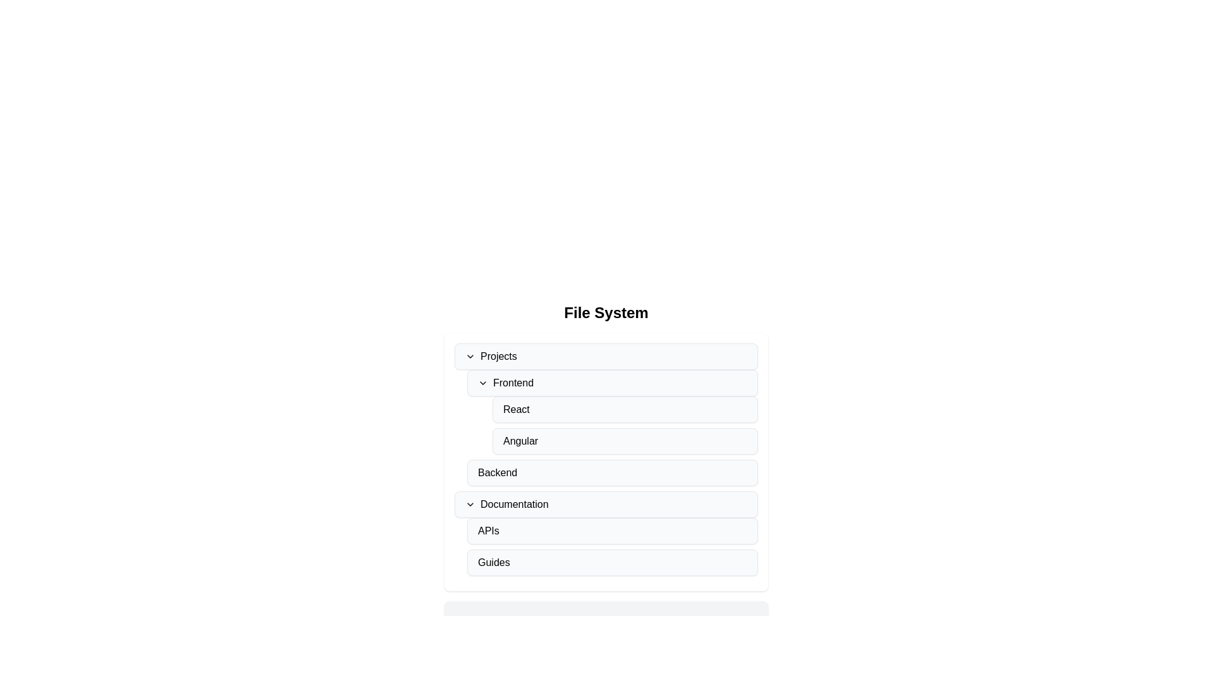 The image size is (1214, 683). Describe the element at coordinates (606, 562) in the screenshot. I see `the 'Guides' button located at the bottom of the navigation list, positioned prominently below 'Documentation' and 'APIs'` at that location.